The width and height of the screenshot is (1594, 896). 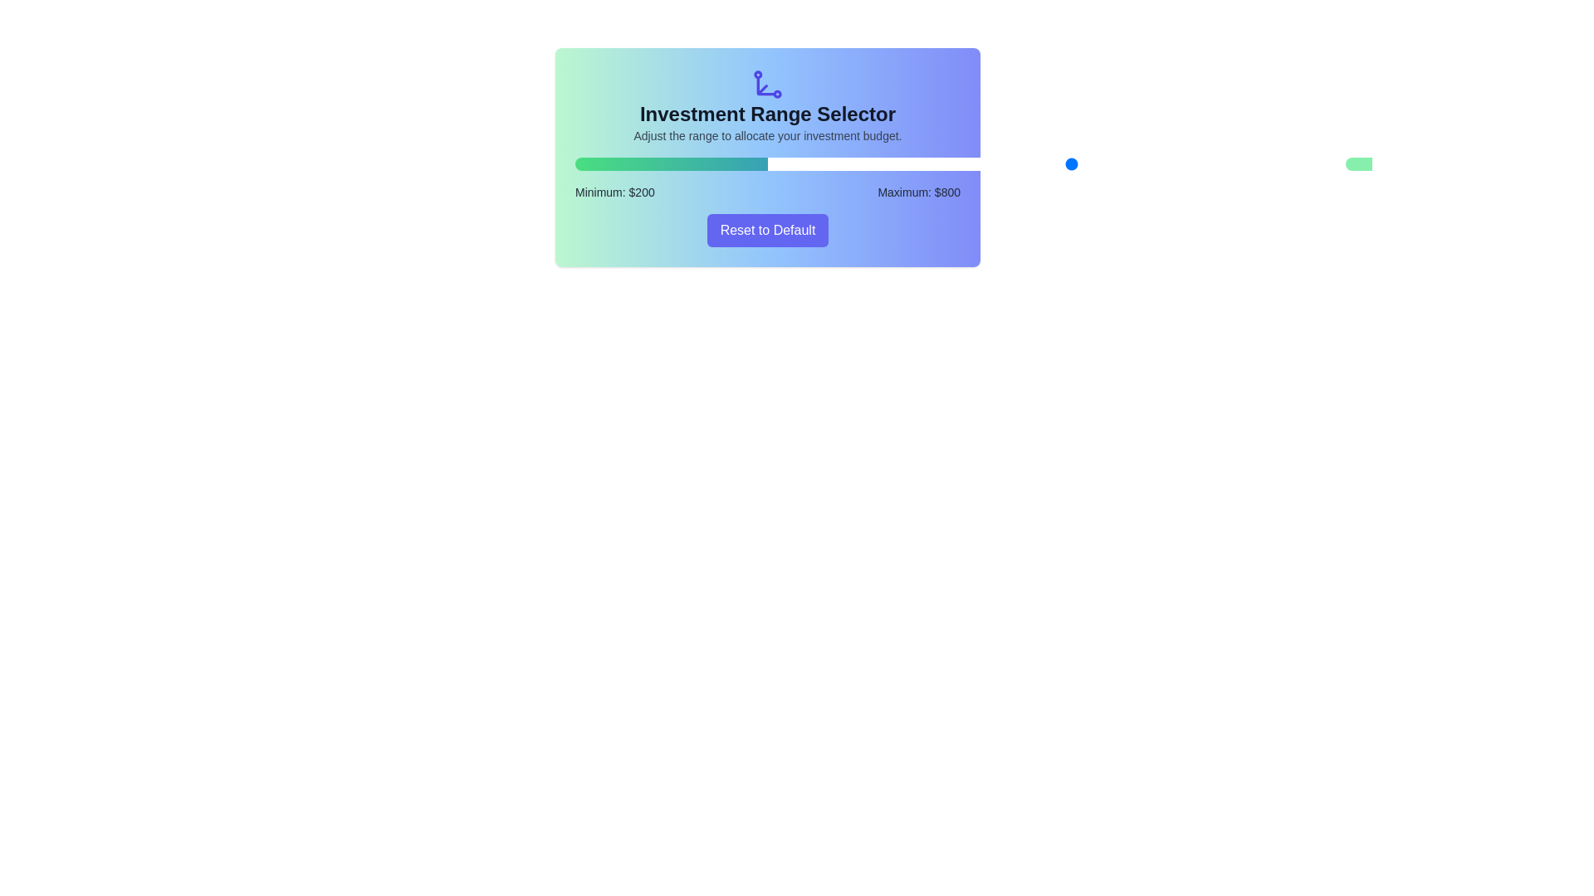 What do you see at coordinates (1053, 163) in the screenshot?
I see `the maximum investment range to 645 by dragging the right slider` at bounding box center [1053, 163].